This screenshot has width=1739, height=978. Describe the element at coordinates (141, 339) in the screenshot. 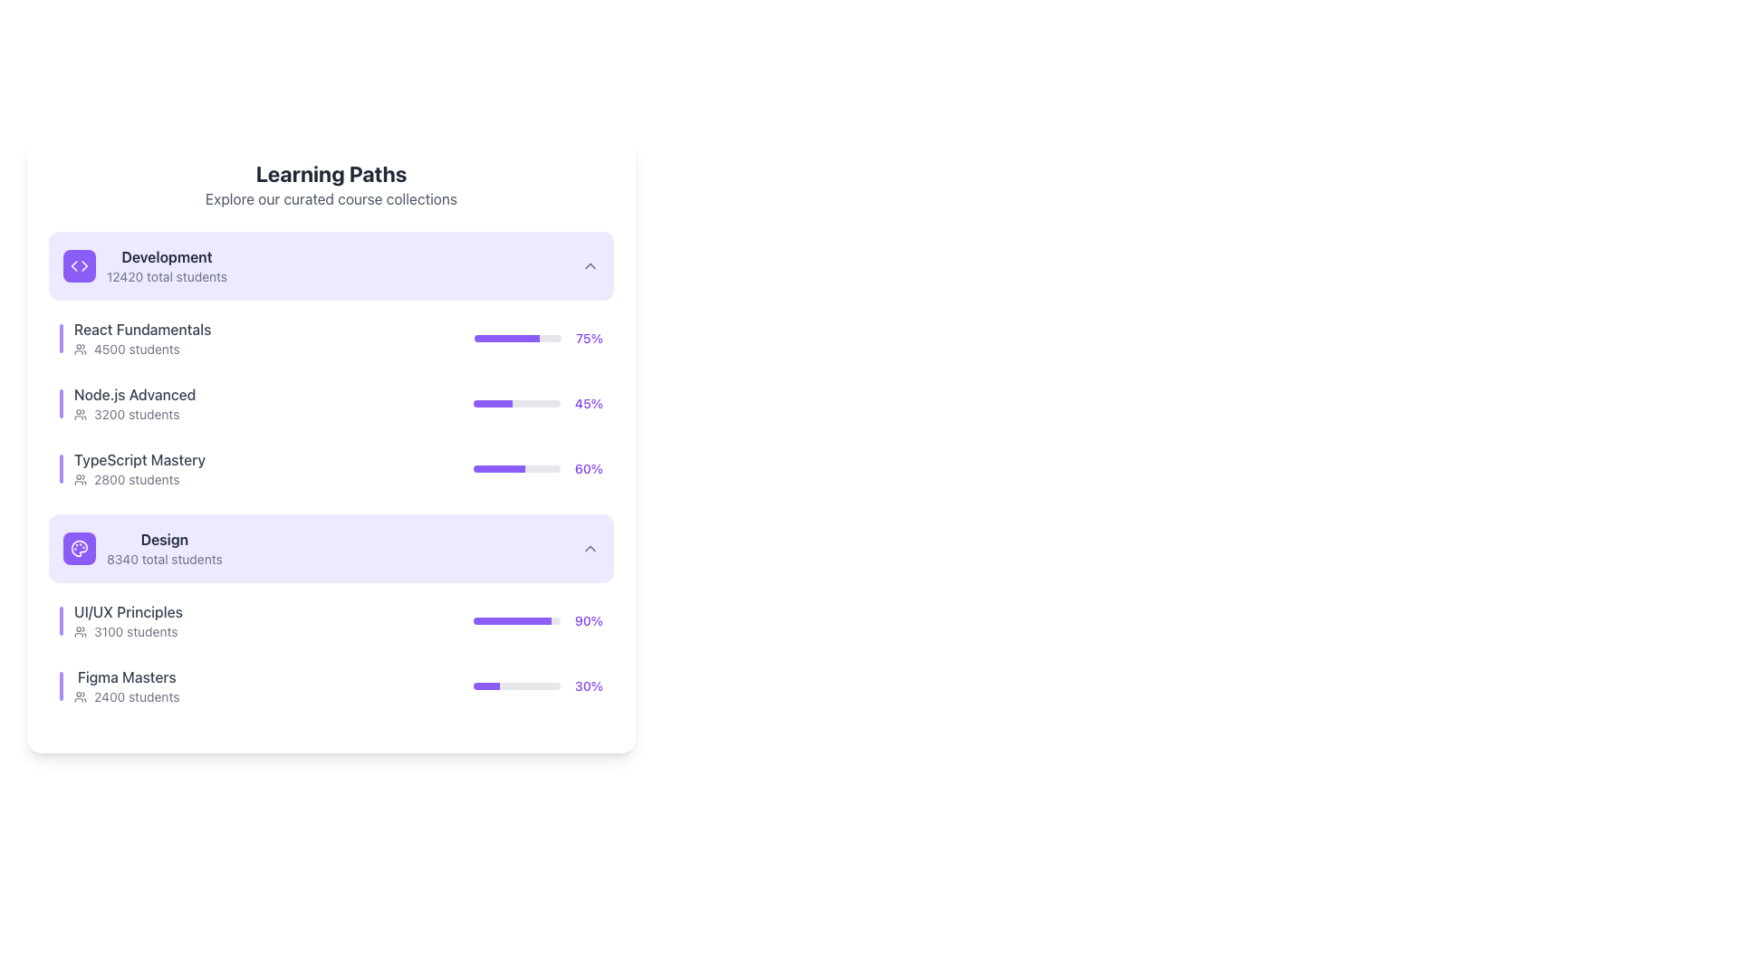

I see `the 'React Fundamentals' text label, which is the first entry in the list of courses under the 'Development' category` at that location.